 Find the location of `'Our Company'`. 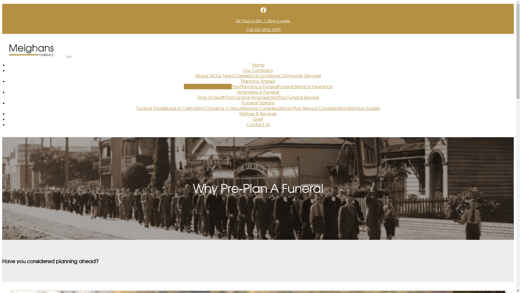

'Our Company' is located at coordinates (242, 70).